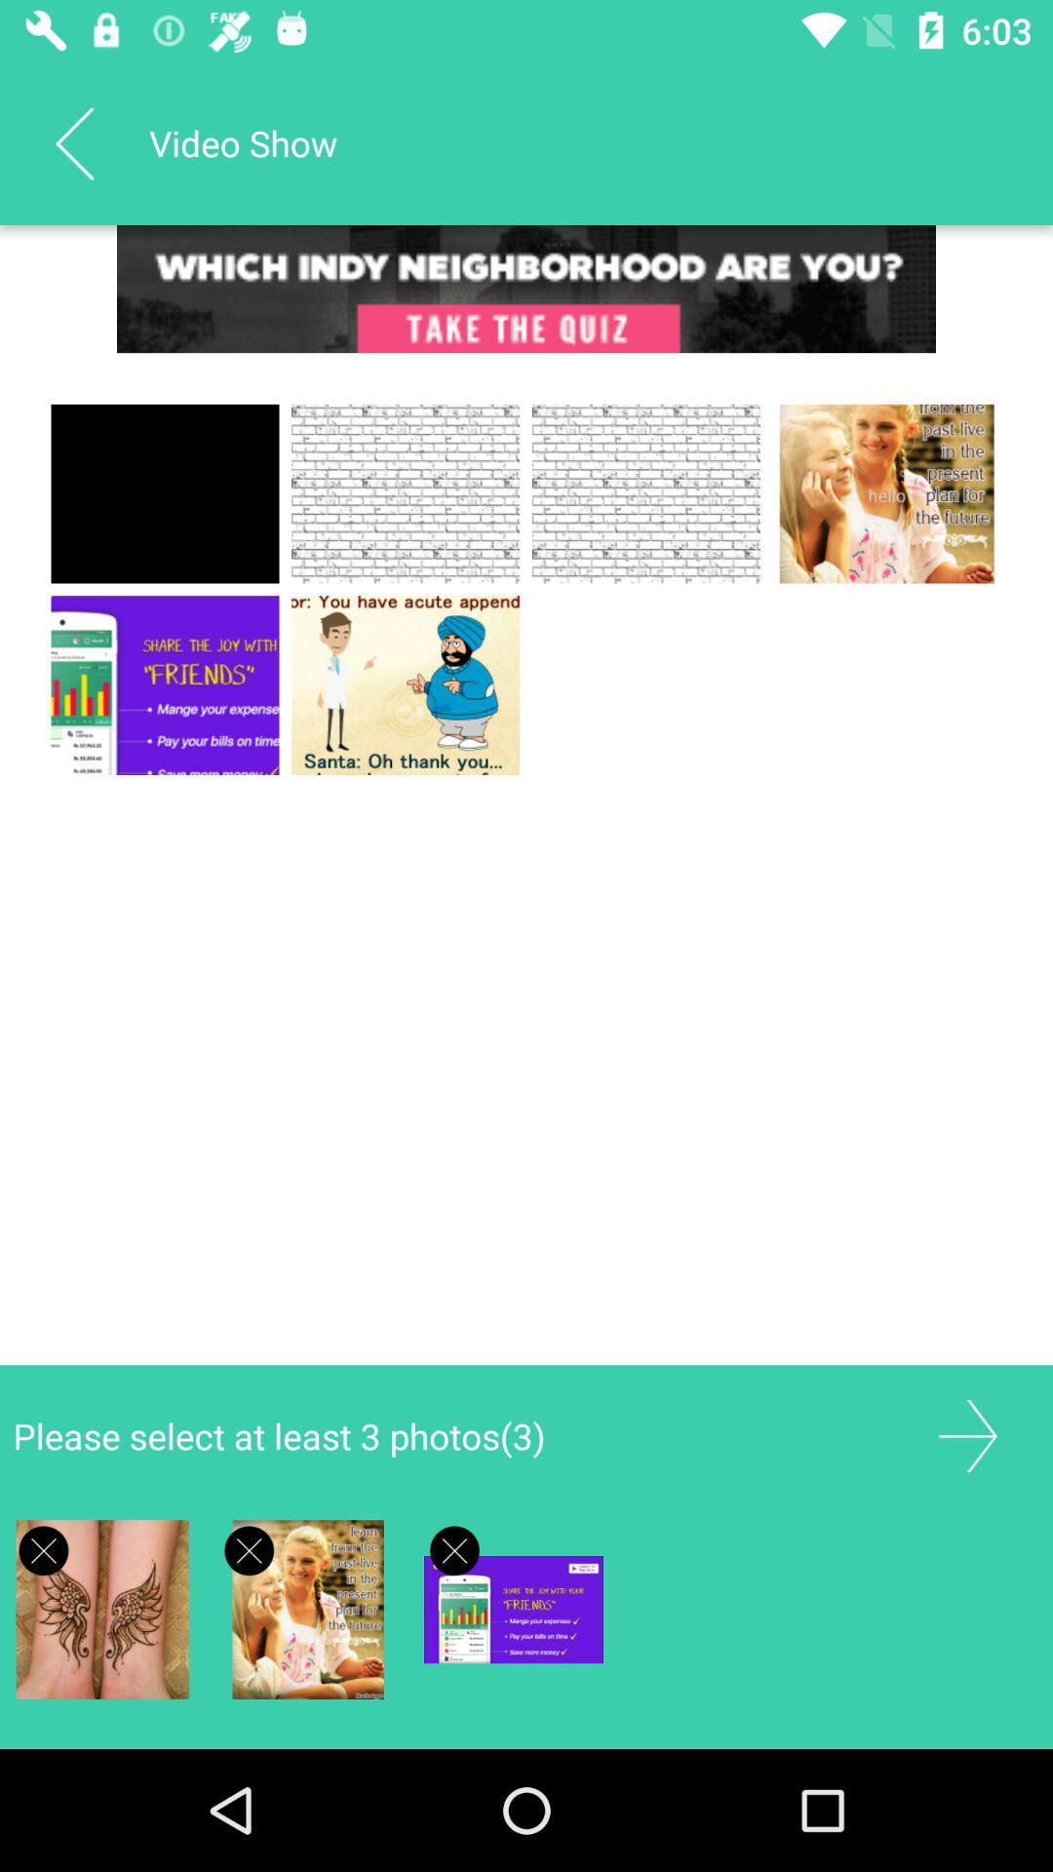 The width and height of the screenshot is (1053, 1872). What do you see at coordinates (248, 1549) in the screenshot?
I see `item` at bounding box center [248, 1549].